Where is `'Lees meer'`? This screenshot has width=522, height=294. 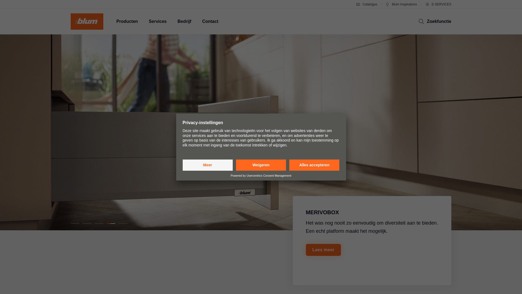 'Lees meer' is located at coordinates (323, 250).